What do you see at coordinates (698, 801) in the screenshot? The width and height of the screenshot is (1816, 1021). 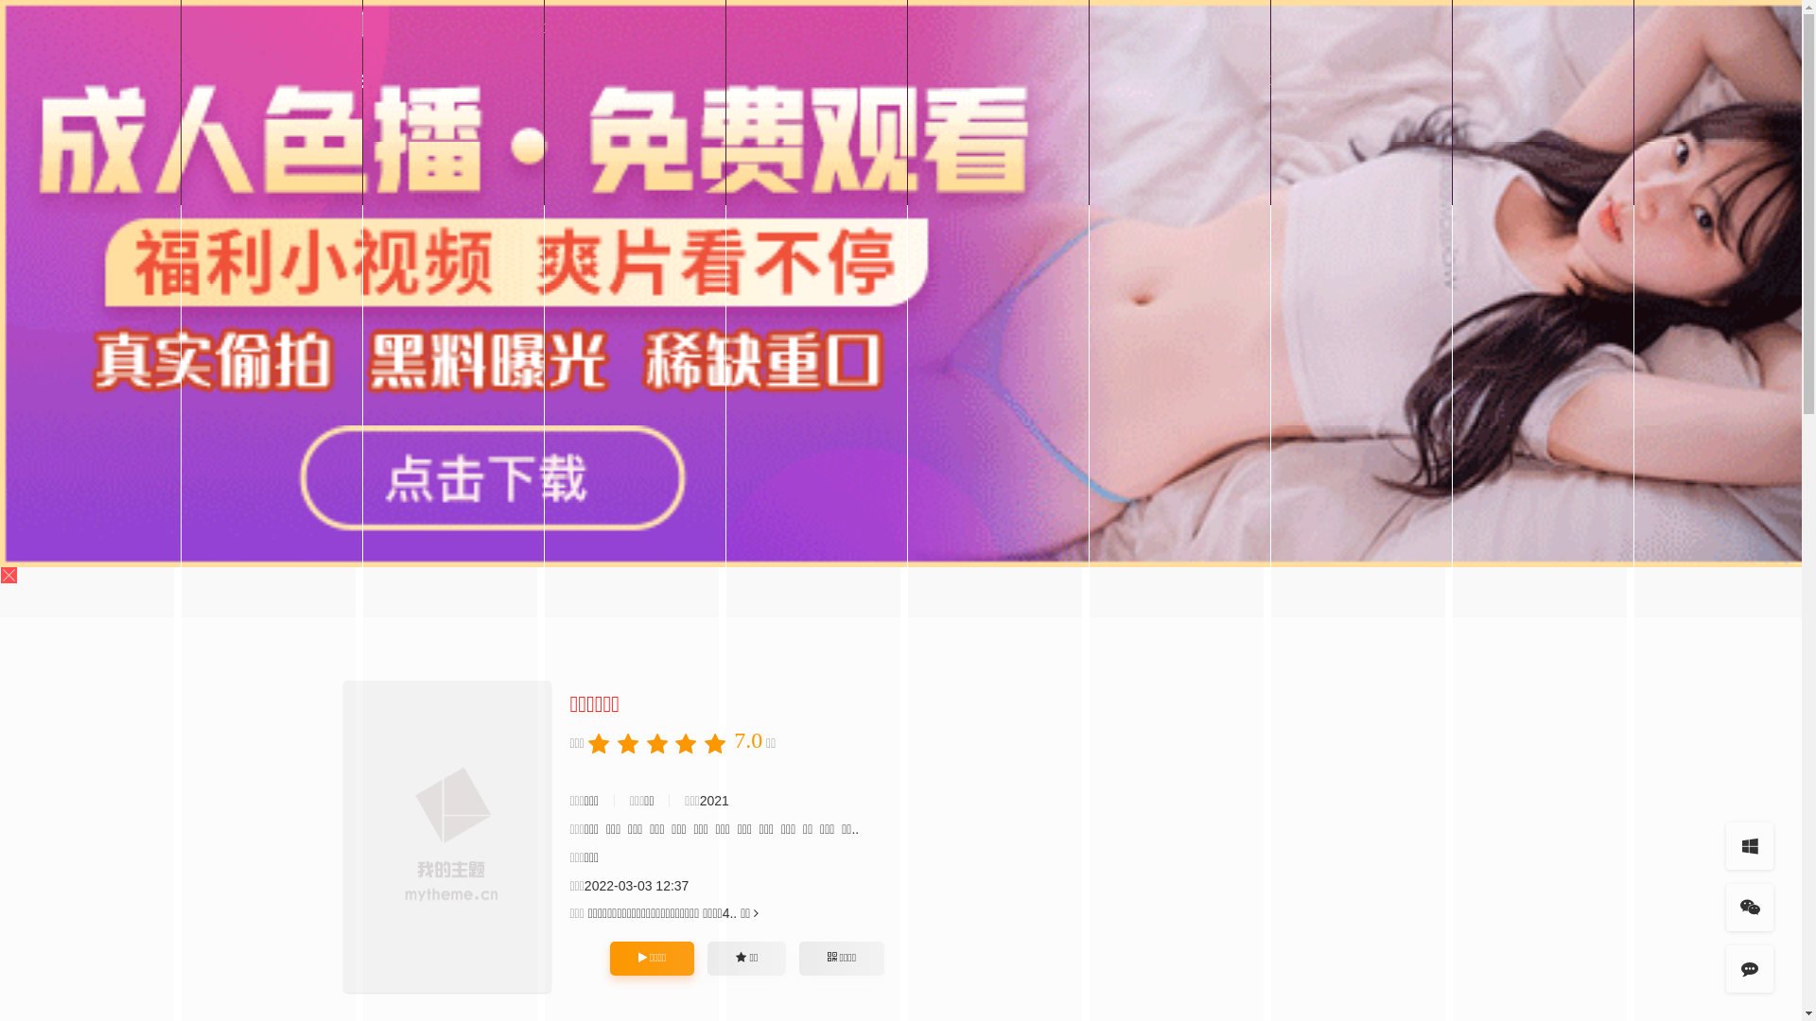 I see `'2021'` at bounding box center [698, 801].